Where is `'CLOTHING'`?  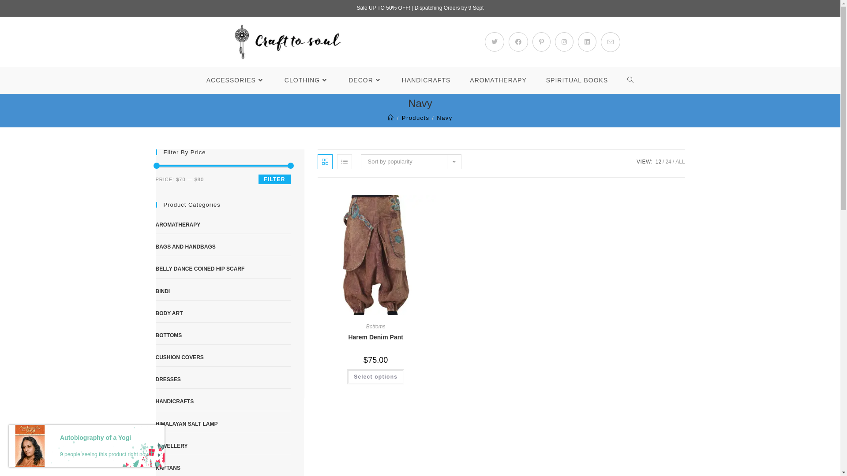
'CLOTHING' is located at coordinates (307, 80).